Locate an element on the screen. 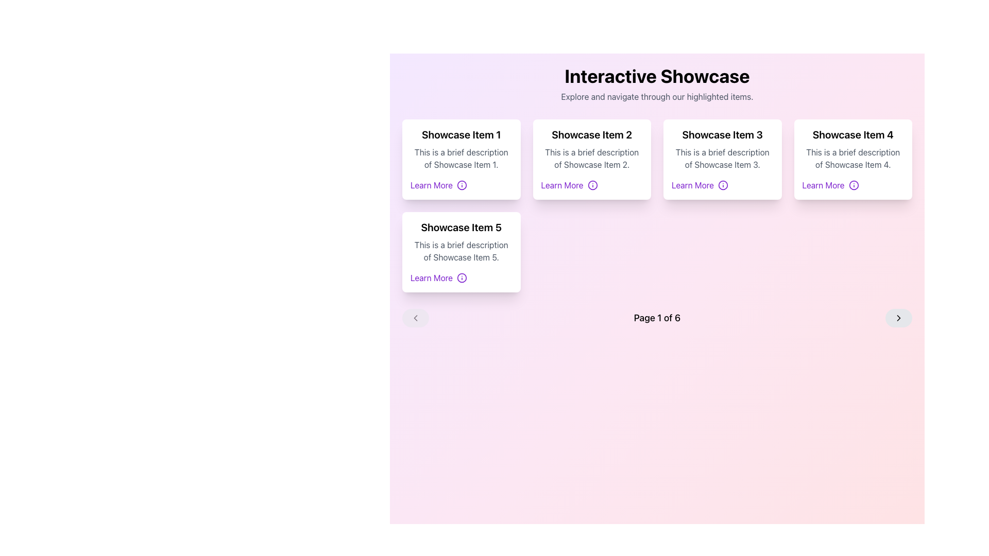  the rightward-facing chevron icon within the rounded rectangular button is located at coordinates (898, 317).